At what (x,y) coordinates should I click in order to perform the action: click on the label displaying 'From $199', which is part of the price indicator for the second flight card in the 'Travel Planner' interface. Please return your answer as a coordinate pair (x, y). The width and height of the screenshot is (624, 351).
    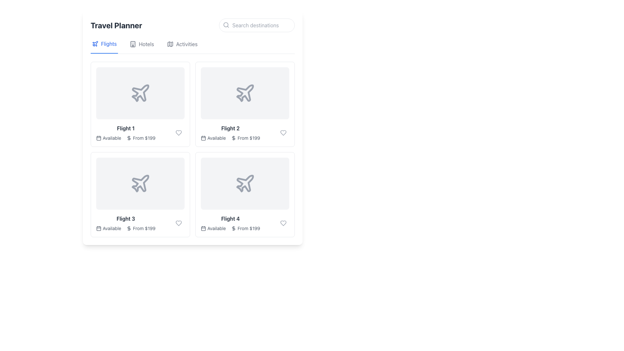
    Looking at the image, I should click on (248, 137).